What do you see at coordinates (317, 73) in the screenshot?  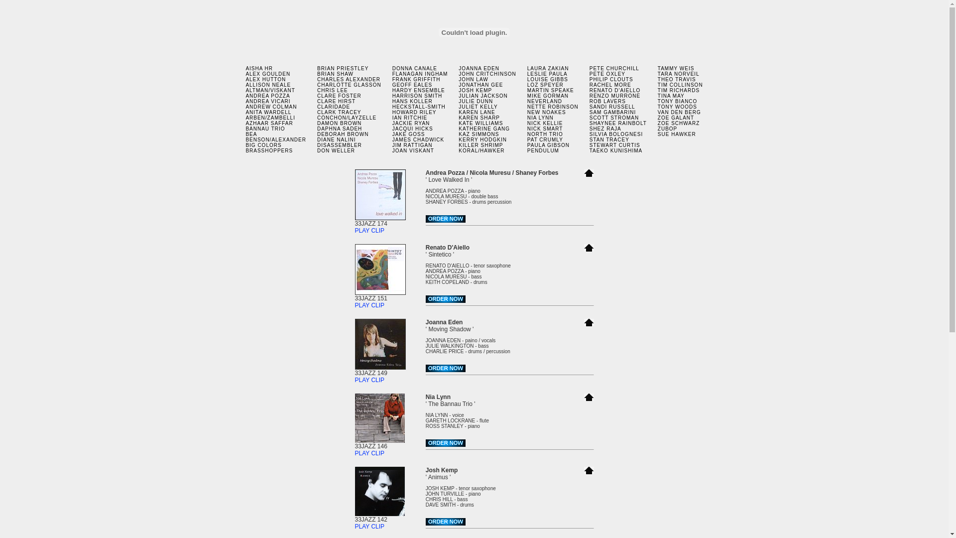 I see `'BRIAN SHAW'` at bounding box center [317, 73].